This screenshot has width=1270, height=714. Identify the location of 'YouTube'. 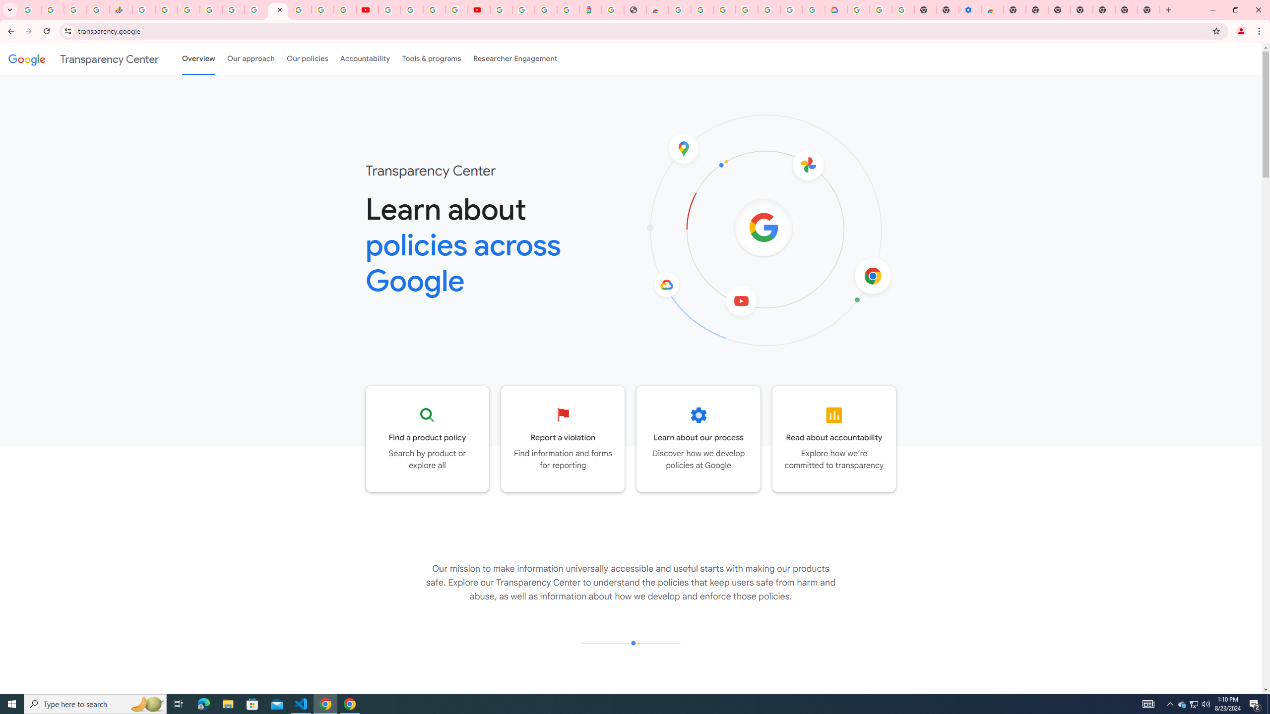
(389, 9).